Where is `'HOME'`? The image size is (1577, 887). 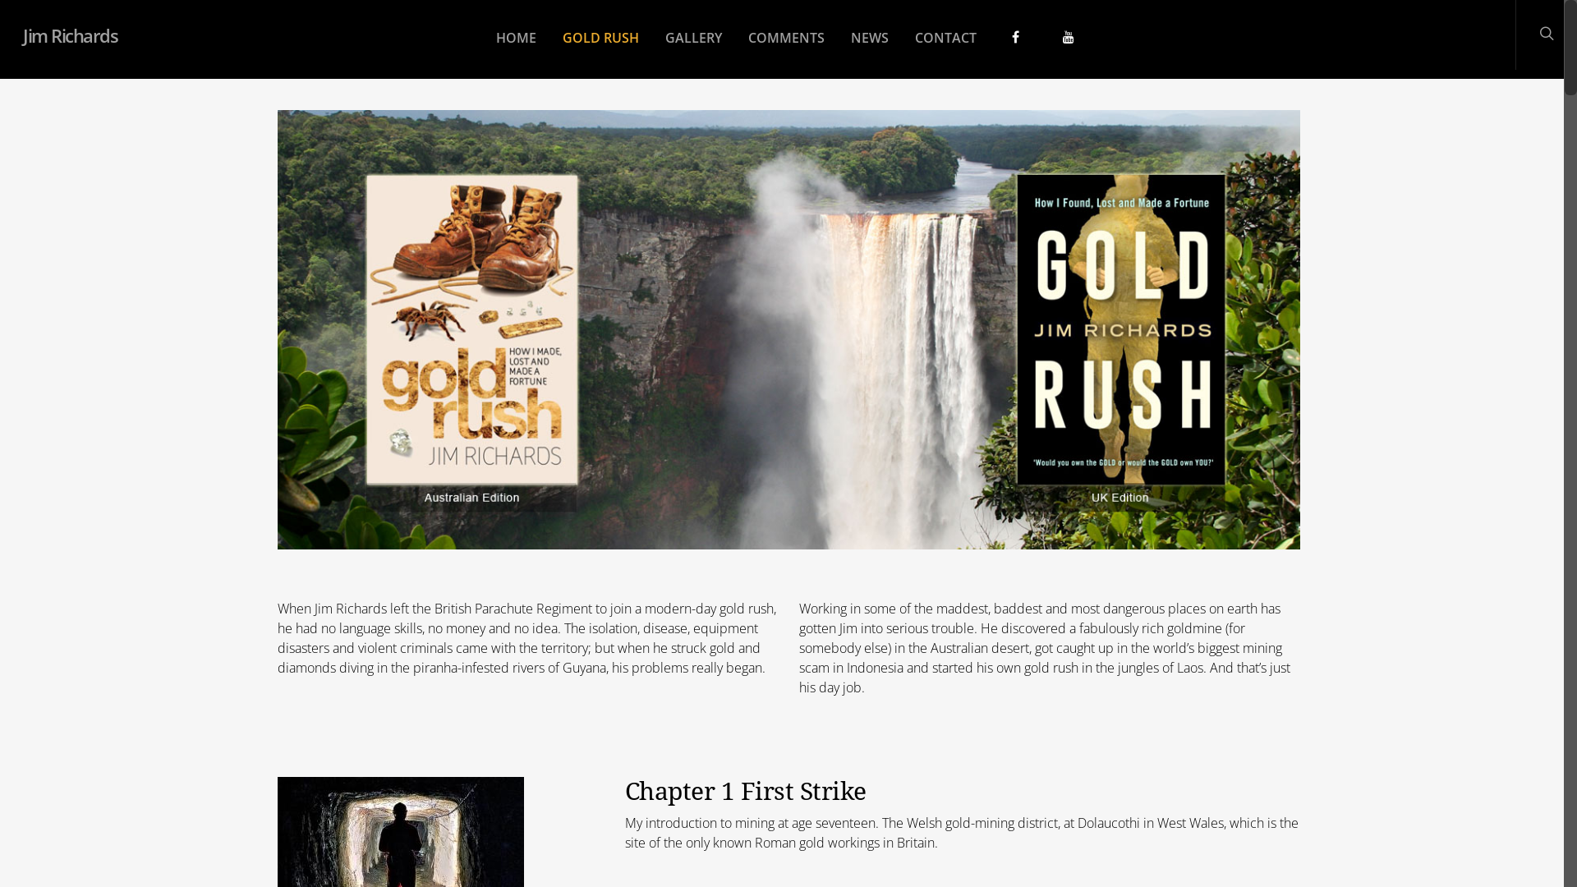
'HOME' is located at coordinates (514, 48).